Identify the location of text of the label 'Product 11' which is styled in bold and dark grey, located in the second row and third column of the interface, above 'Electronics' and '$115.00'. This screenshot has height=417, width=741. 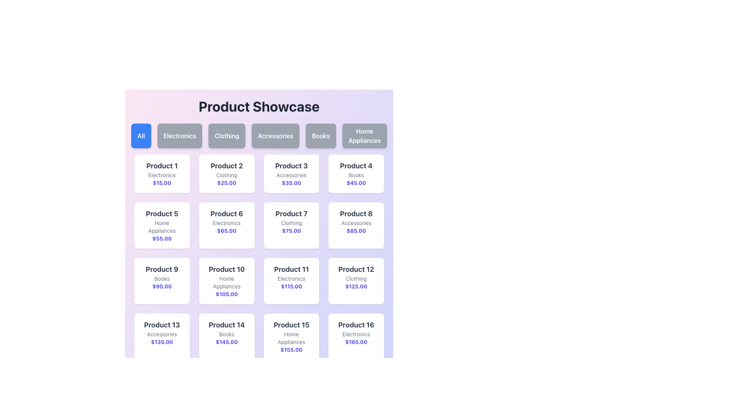
(291, 269).